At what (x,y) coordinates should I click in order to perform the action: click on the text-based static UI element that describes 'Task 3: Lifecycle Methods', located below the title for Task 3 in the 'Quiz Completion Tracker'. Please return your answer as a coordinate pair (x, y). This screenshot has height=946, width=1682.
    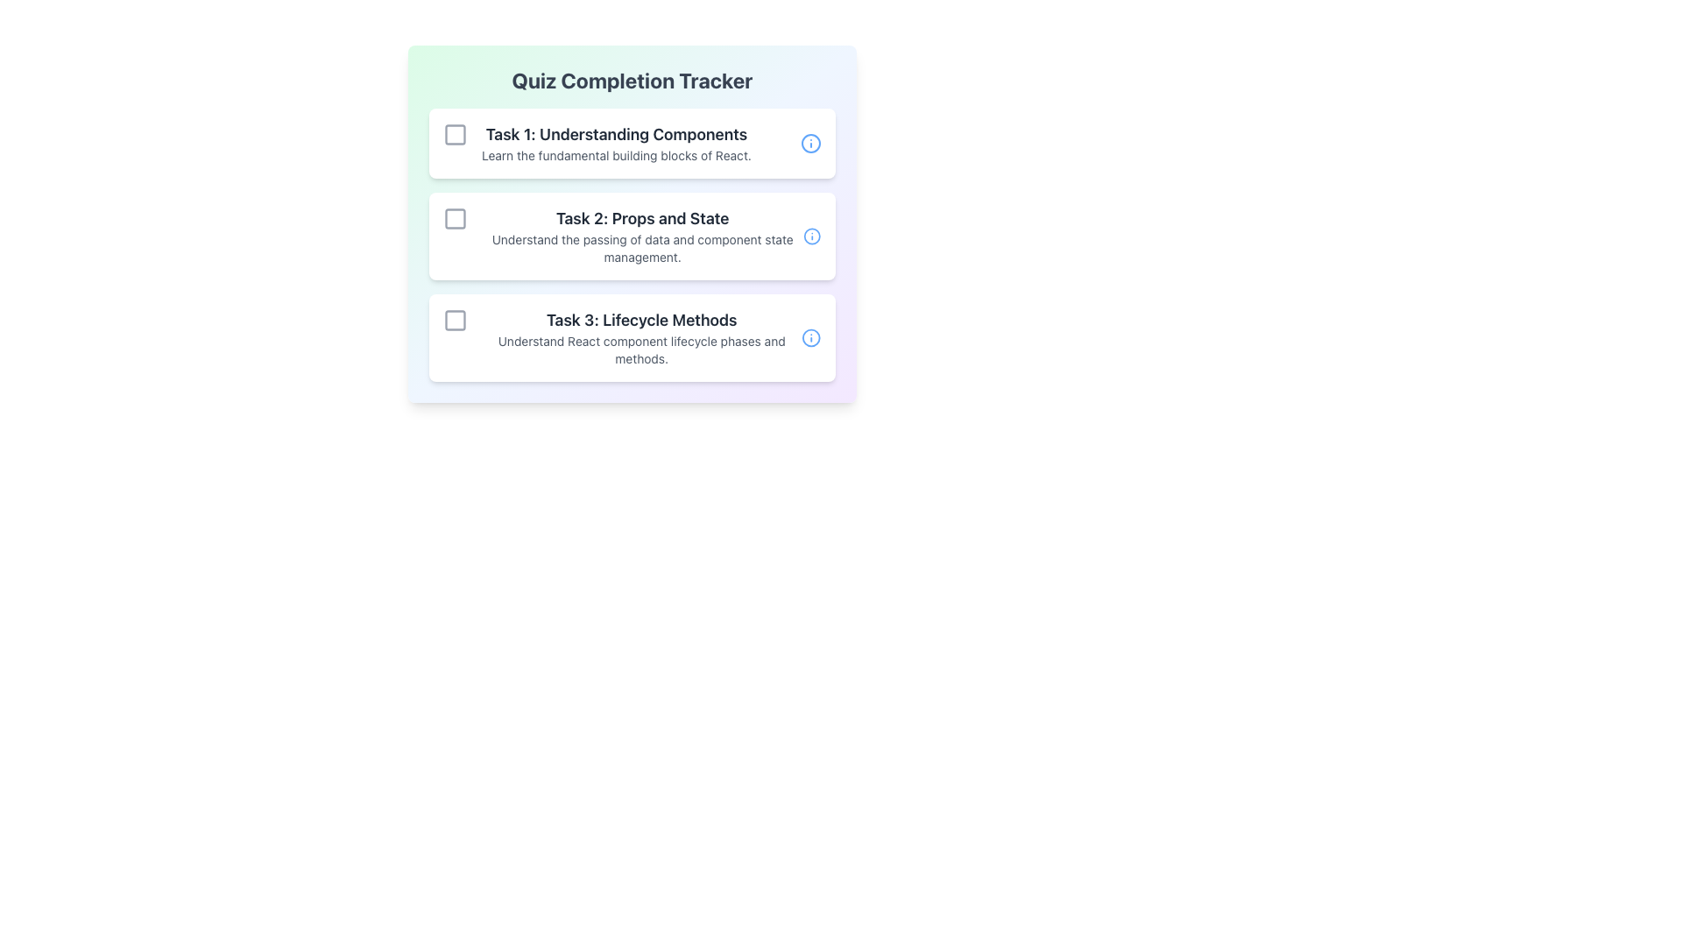
    Looking at the image, I should click on (622, 337).